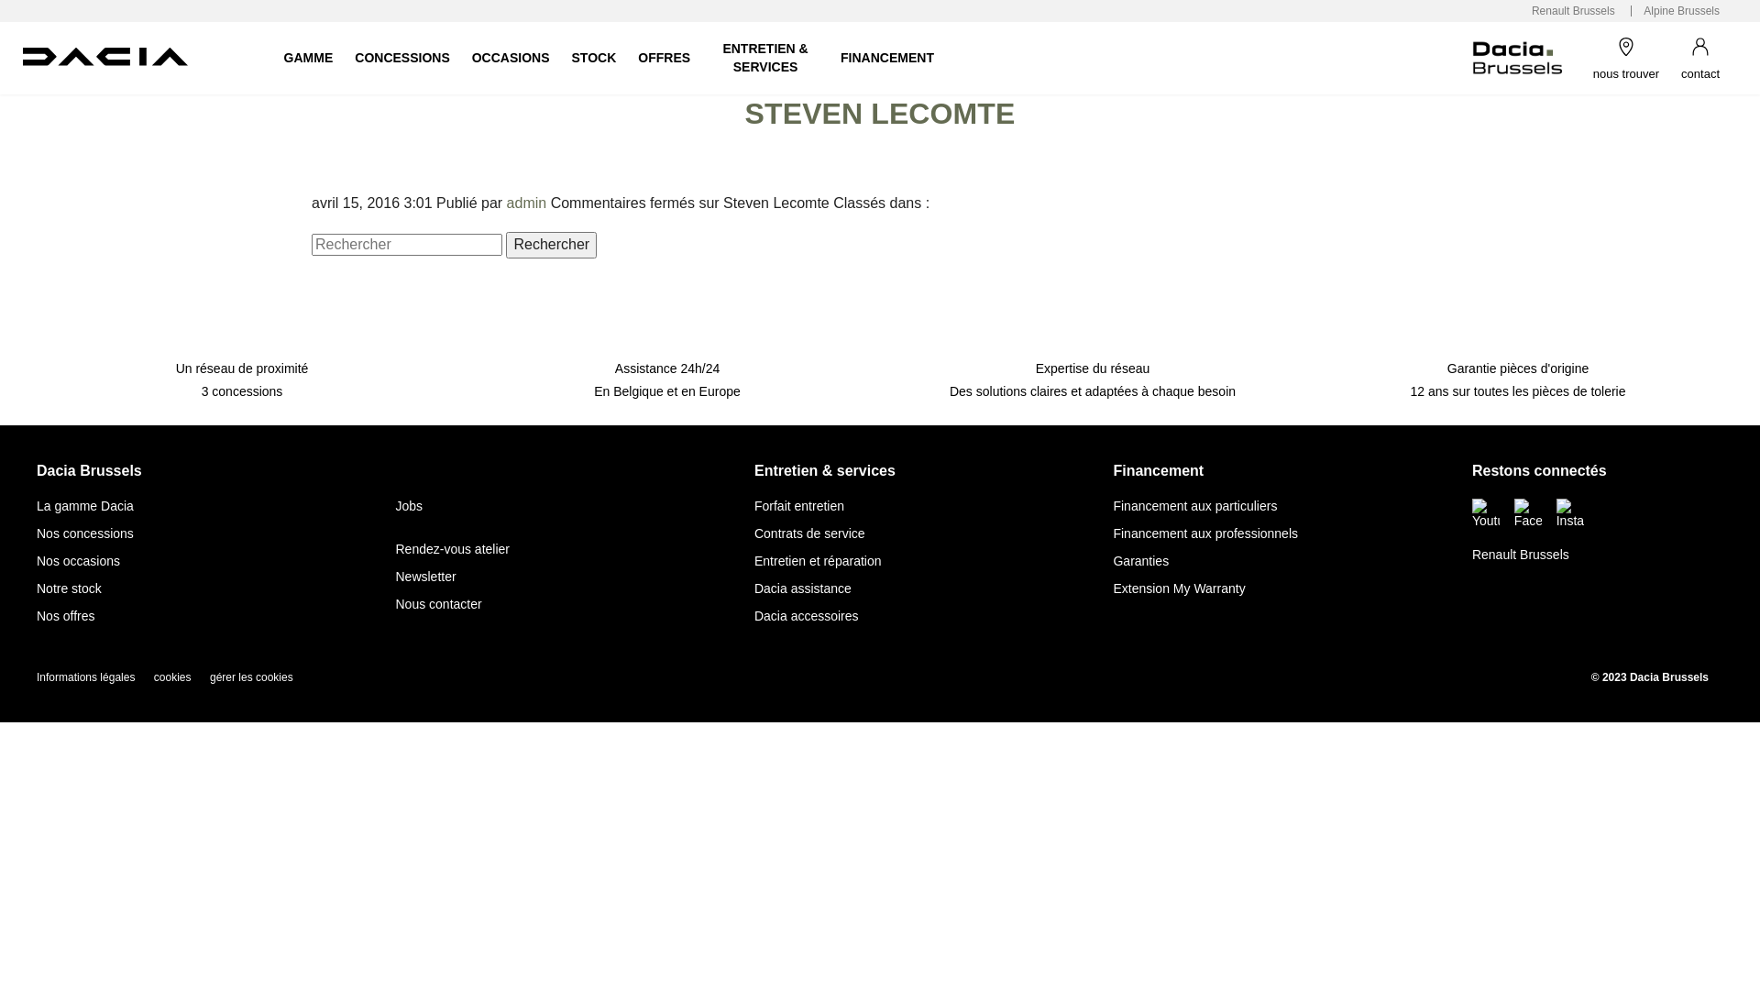  Describe the element at coordinates (1205, 533) in the screenshot. I see `'Financement aux professionnels'` at that location.